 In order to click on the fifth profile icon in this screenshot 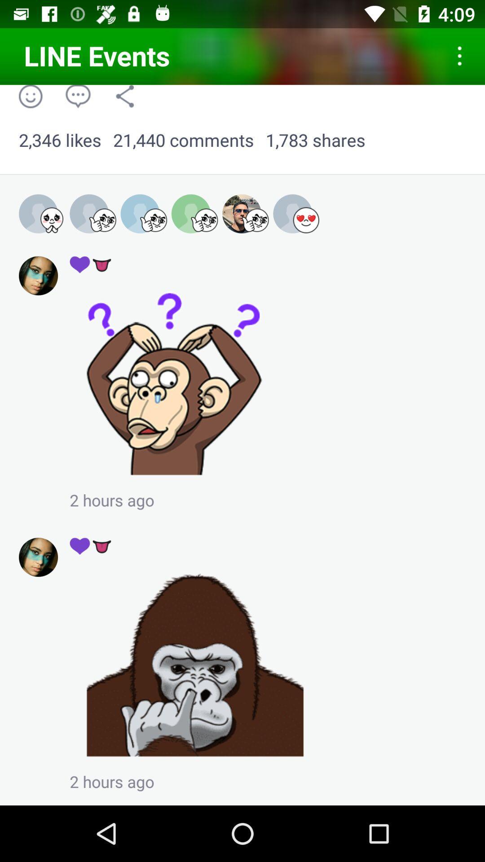, I will do `click(246, 214)`.